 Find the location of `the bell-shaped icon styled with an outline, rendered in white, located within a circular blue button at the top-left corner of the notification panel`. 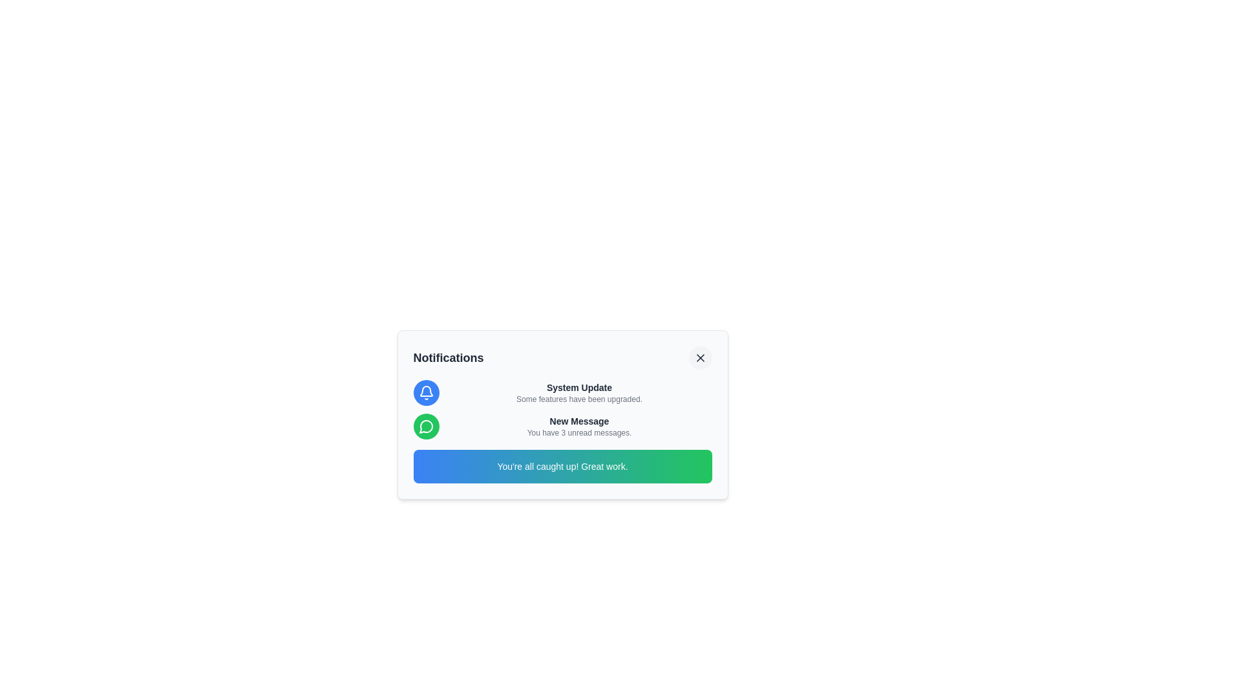

the bell-shaped icon styled with an outline, rendered in white, located within a circular blue button at the top-left corner of the notification panel is located at coordinates (426, 392).